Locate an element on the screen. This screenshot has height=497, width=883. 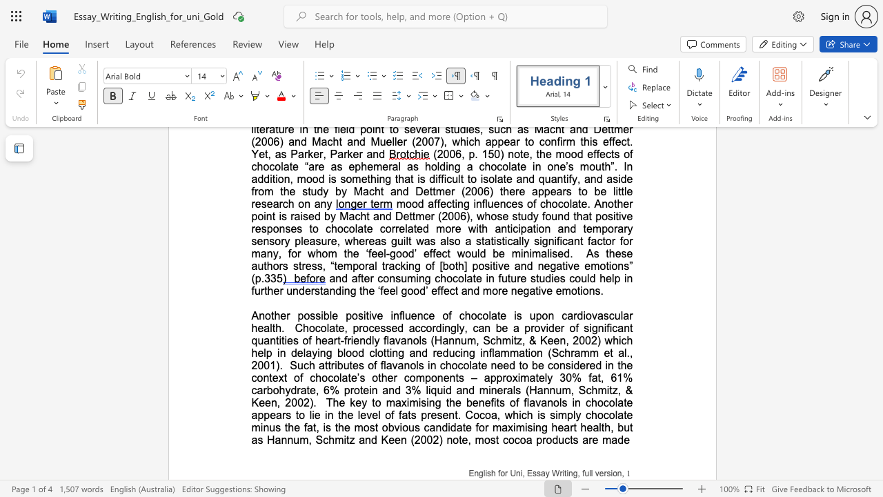
the subset text "rsi" within the text "English for Uni, Essay Writing, full version," is located at coordinates (604, 473).